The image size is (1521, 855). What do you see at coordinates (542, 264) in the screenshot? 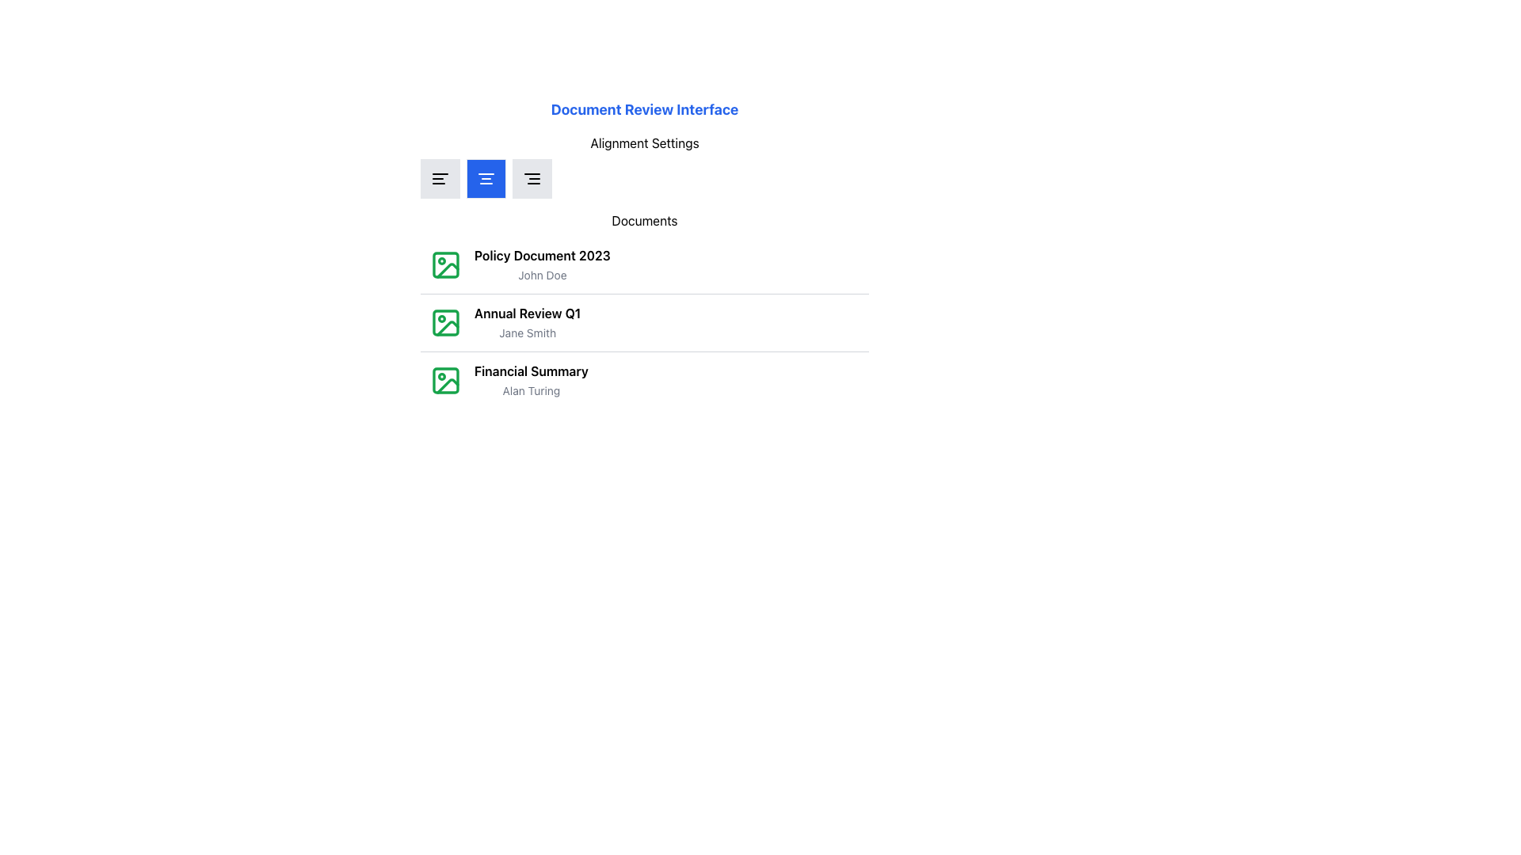
I see `the first document entry in the list under the 'Documents' heading` at bounding box center [542, 264].